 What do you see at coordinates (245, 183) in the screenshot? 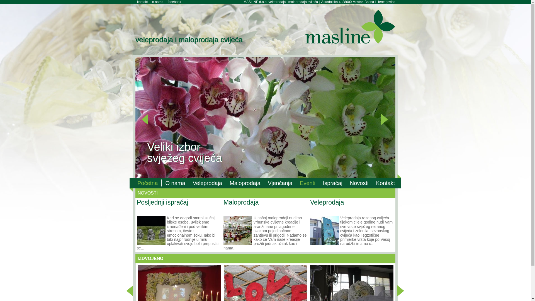
I see `'Maloprodaja'` at bounding box center [245, 183].